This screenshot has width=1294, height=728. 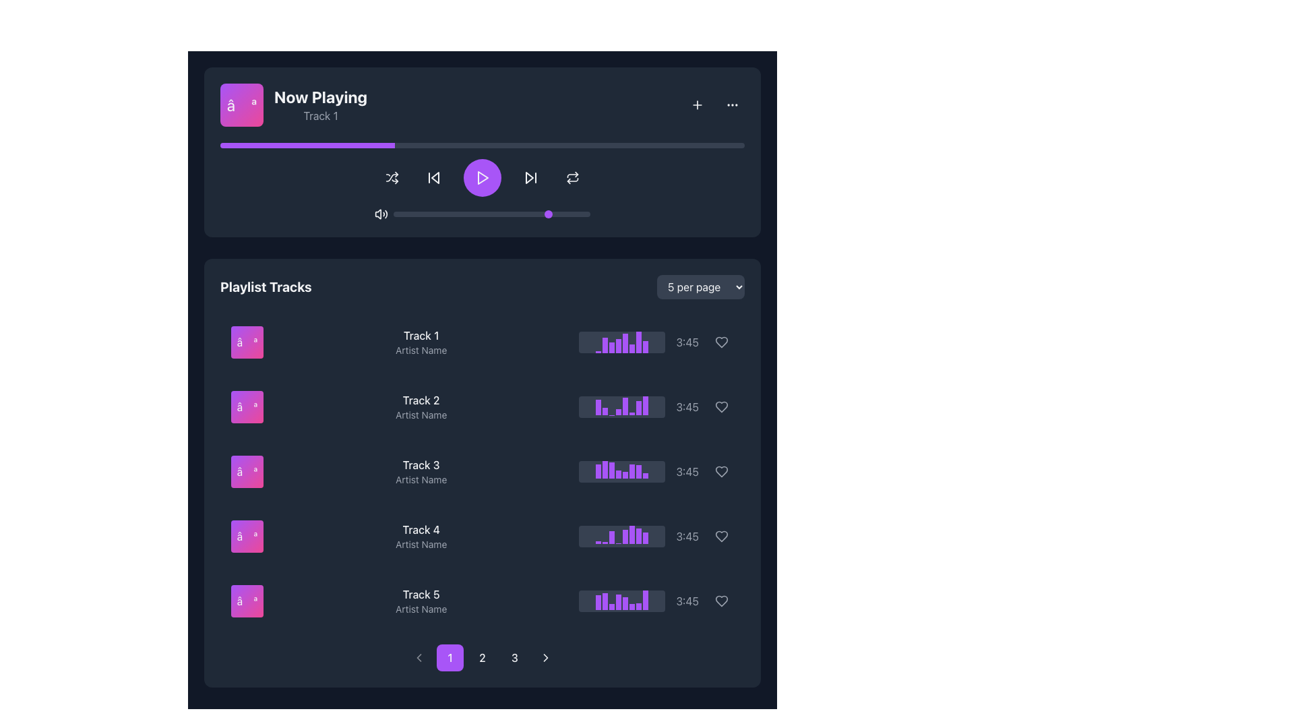 What do you see at coordinates (621, 471) in the screenshot?
I see `the static graphical indicator that represents audio amplitude or activity for the third track in the playlist, located between the track title and artist name on the left and the duration text '3:45' on the right` at bounding box center [621, 471].